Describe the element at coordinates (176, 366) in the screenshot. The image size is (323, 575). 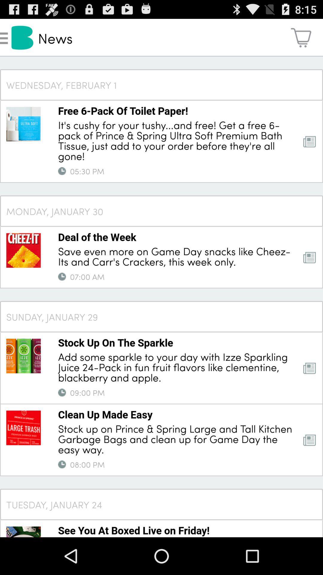
I see `add some sparkle` at that location.